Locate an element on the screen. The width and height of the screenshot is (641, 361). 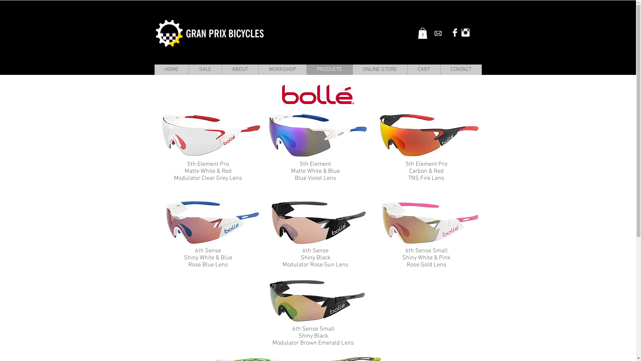
'Gran Prix Bicycles' is located at coordinates (209, 34).